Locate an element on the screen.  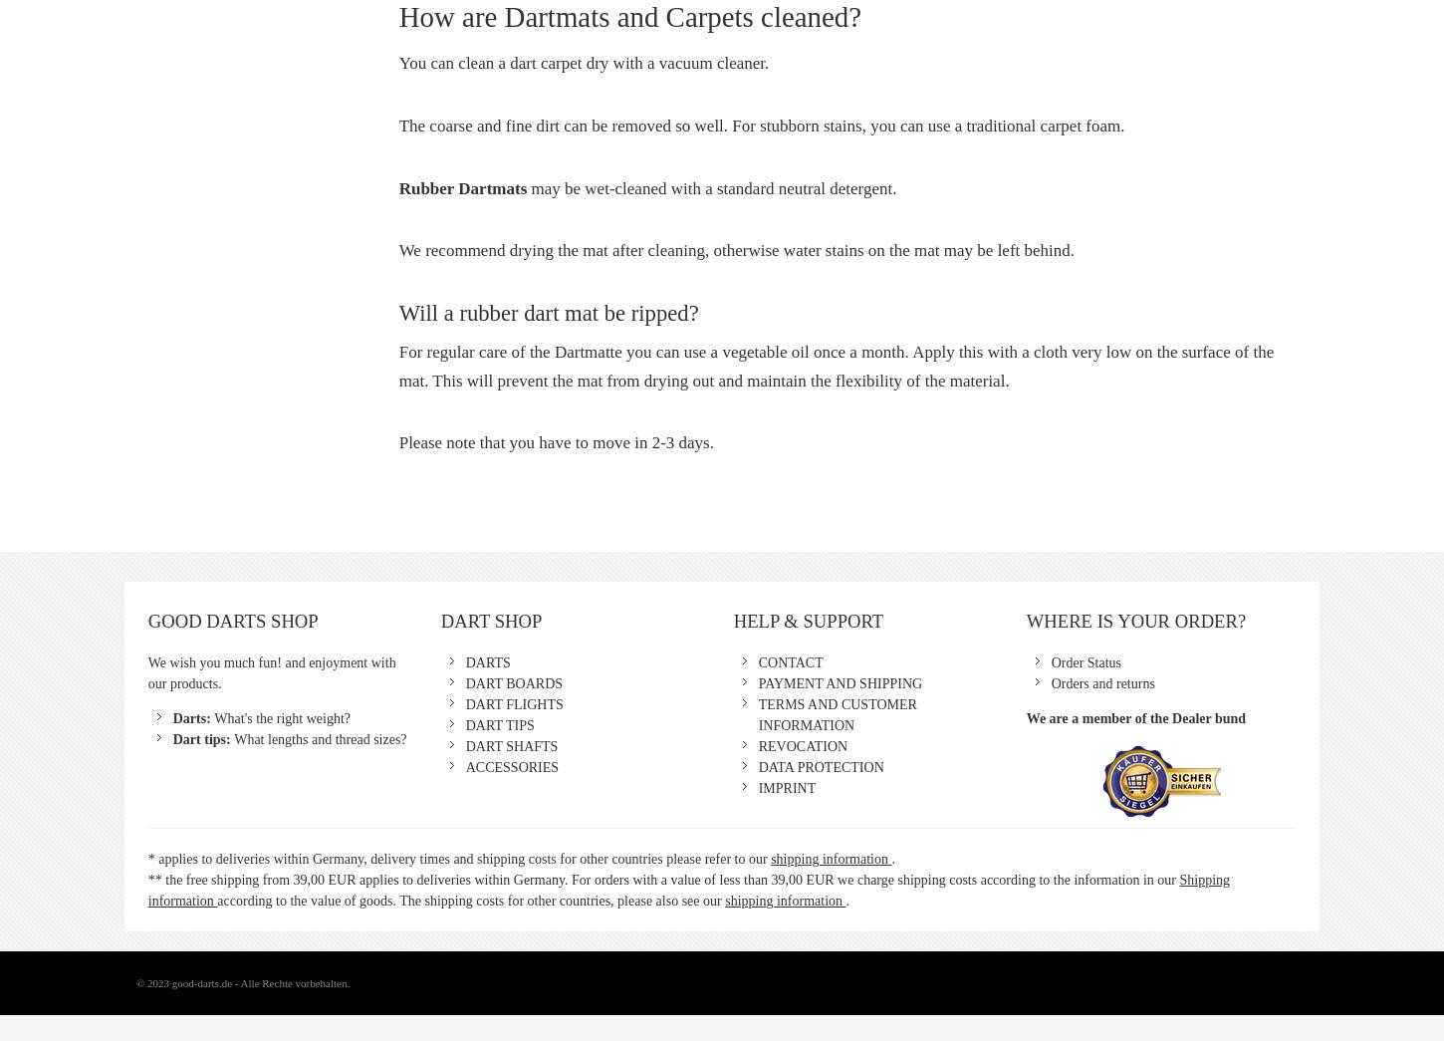
'CONTACT' is located at coordinates (790, 662).